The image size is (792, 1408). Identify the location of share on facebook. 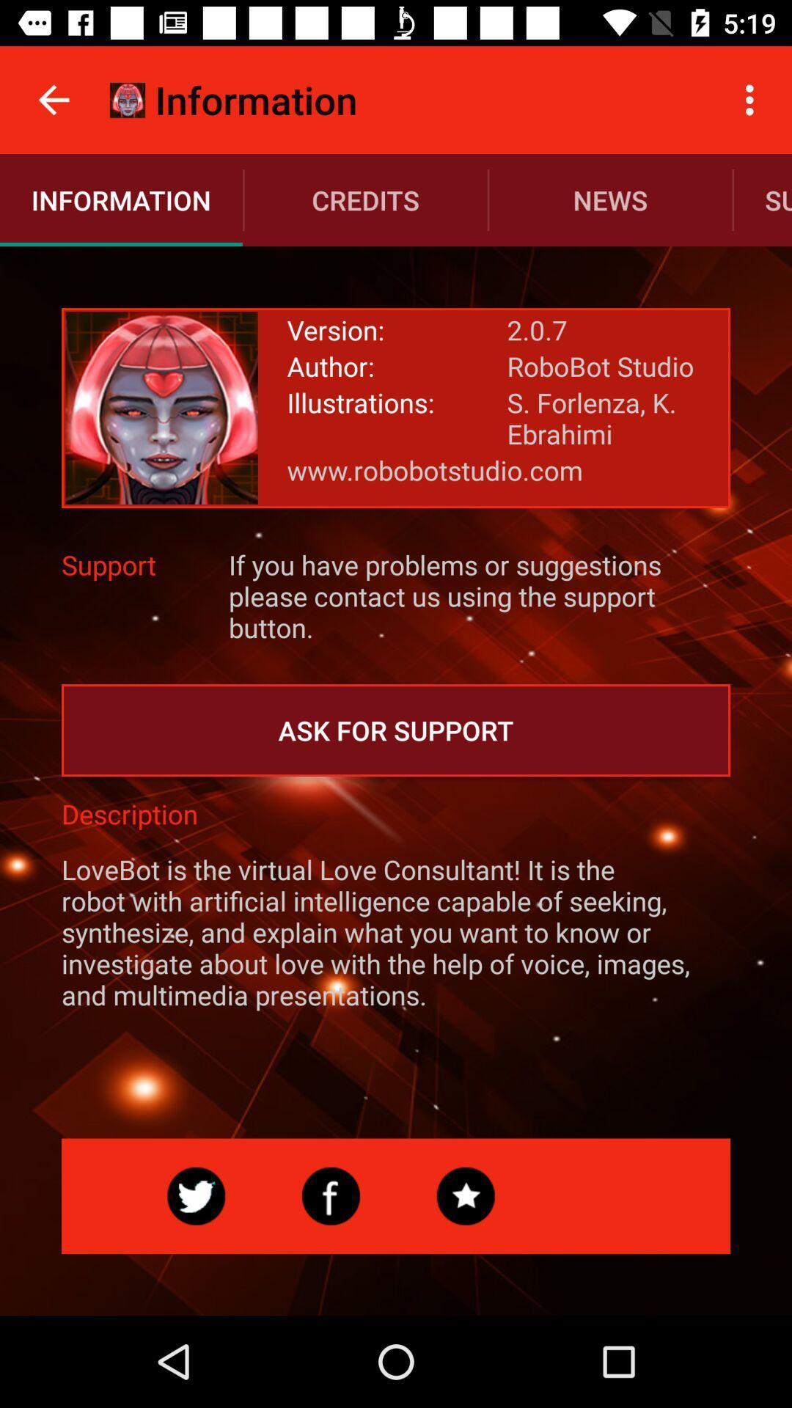
(331, 1196).